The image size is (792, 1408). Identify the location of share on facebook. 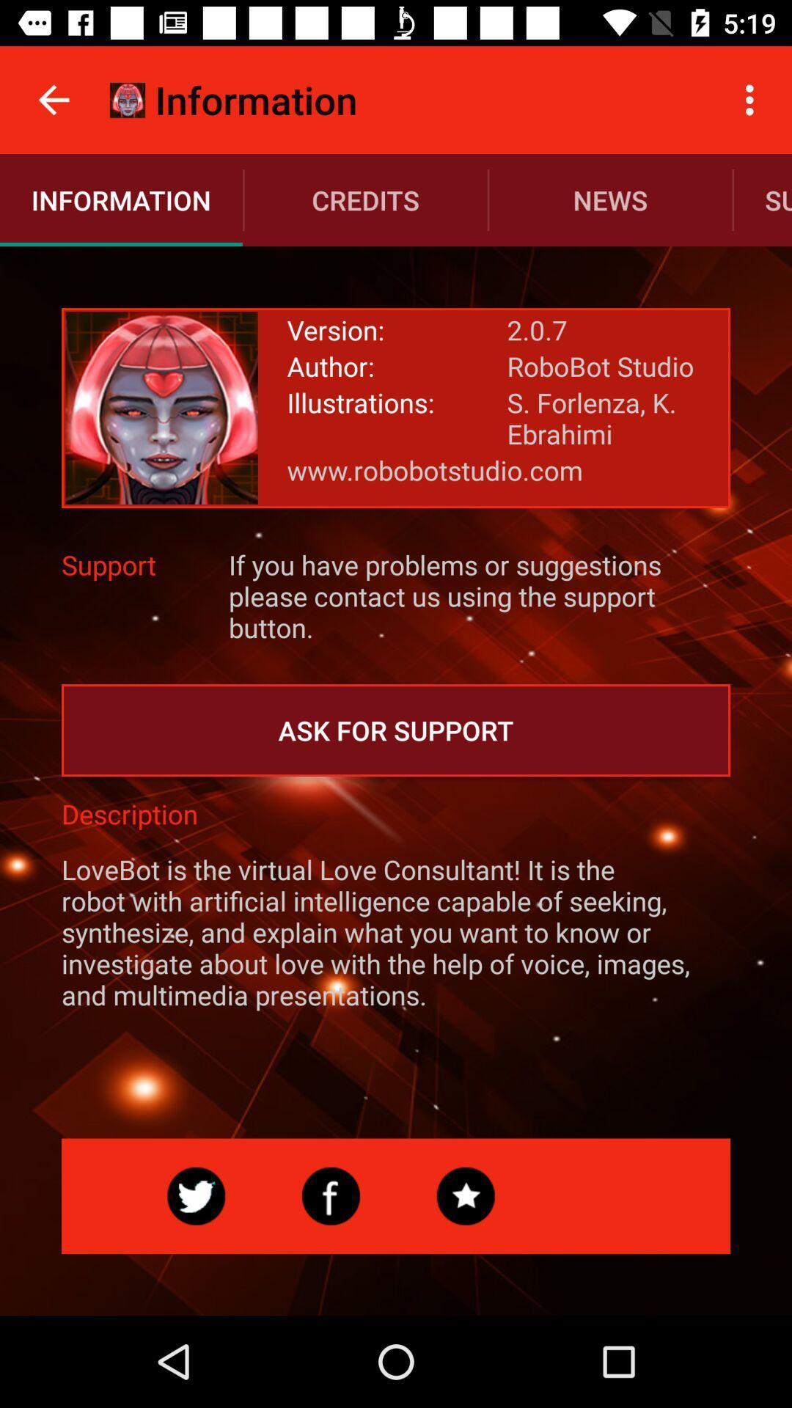
(331, 1196).